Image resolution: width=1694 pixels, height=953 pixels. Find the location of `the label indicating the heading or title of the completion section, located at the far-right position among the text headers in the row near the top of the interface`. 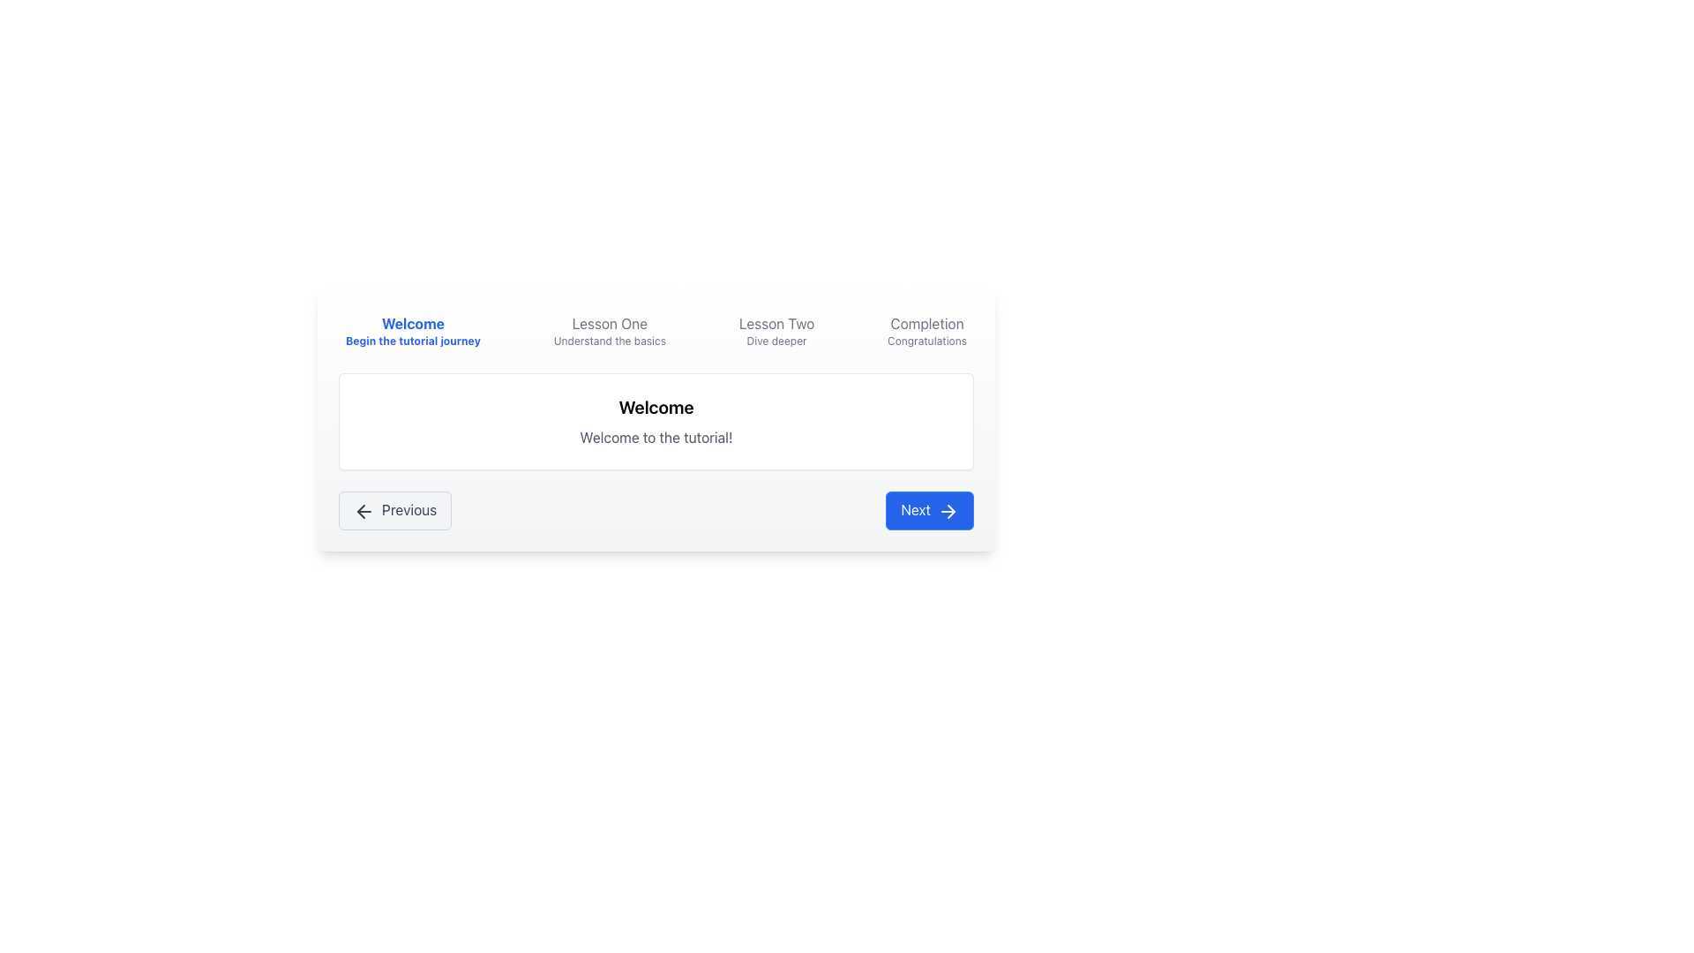

the label indicating the heading or title of the completion section, located at the far-right position among the text headers in the row near the top of the interface is located at coordinates (926, 323).